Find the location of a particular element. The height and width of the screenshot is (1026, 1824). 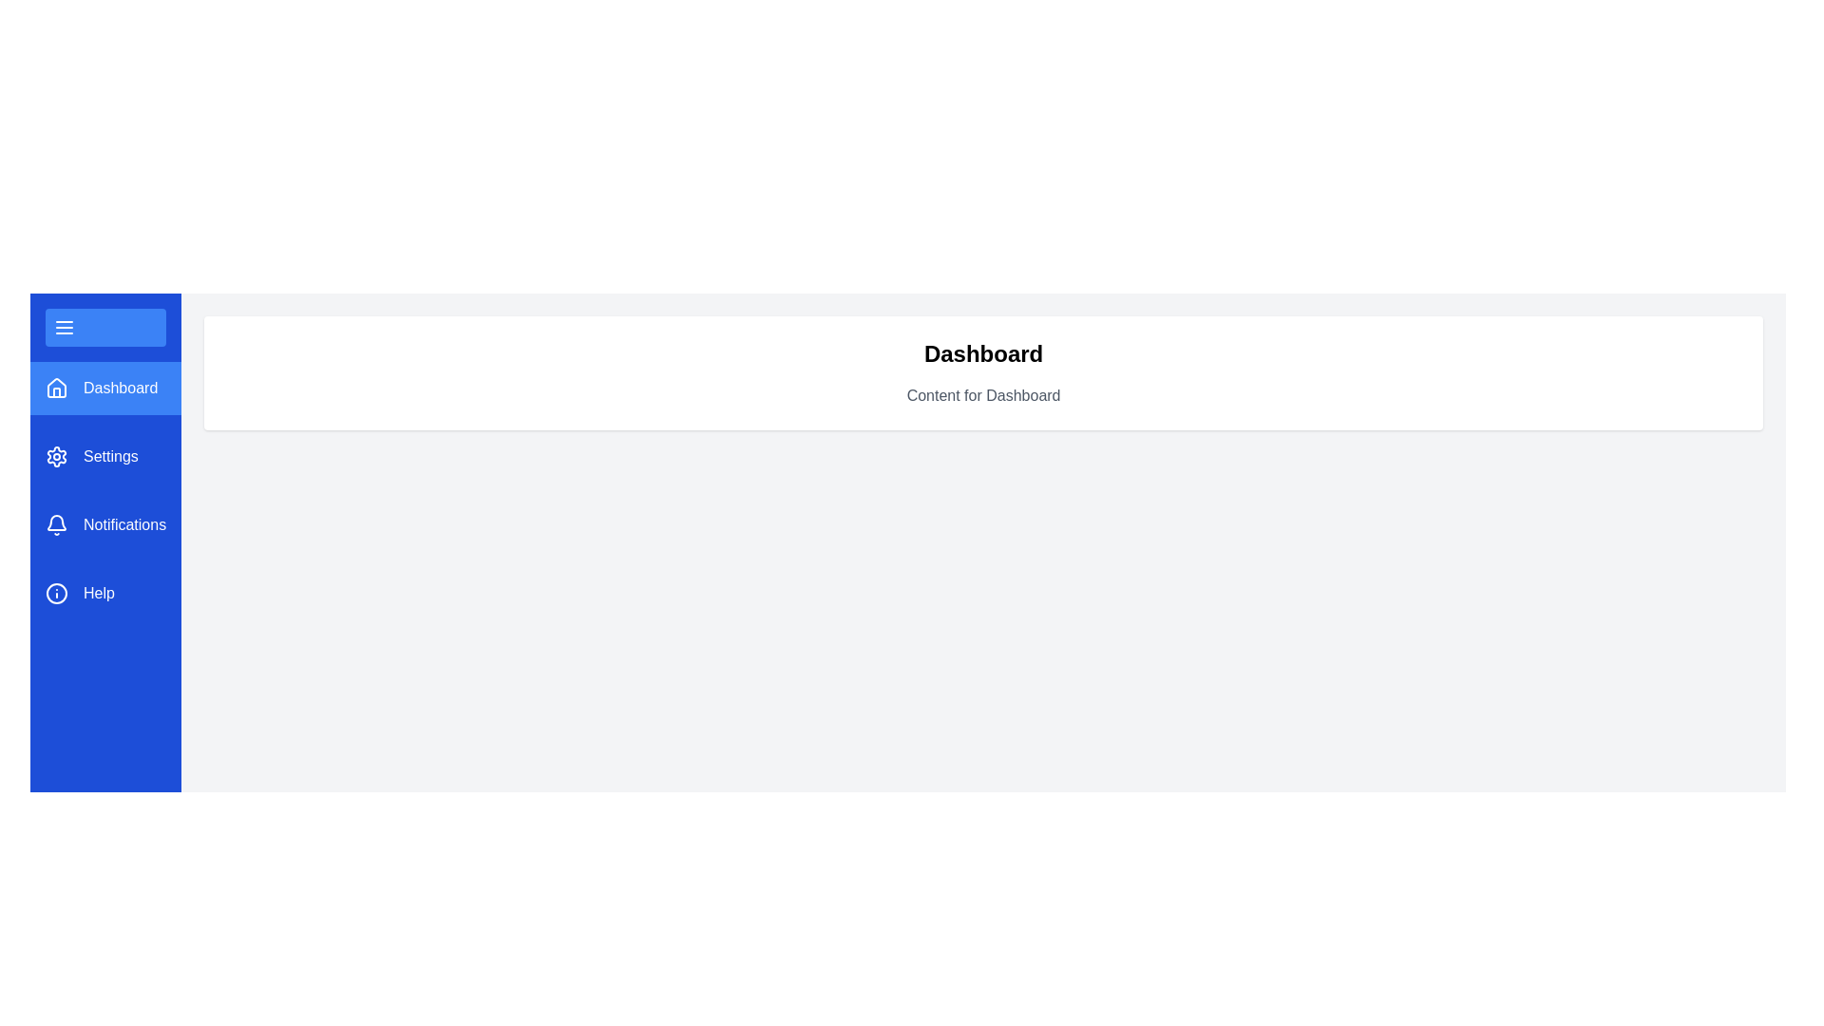

the notification icon, which is a bell symbol against a blue square background, located in the vertical navigation menu as the third item is located at coordinates (56, 524).